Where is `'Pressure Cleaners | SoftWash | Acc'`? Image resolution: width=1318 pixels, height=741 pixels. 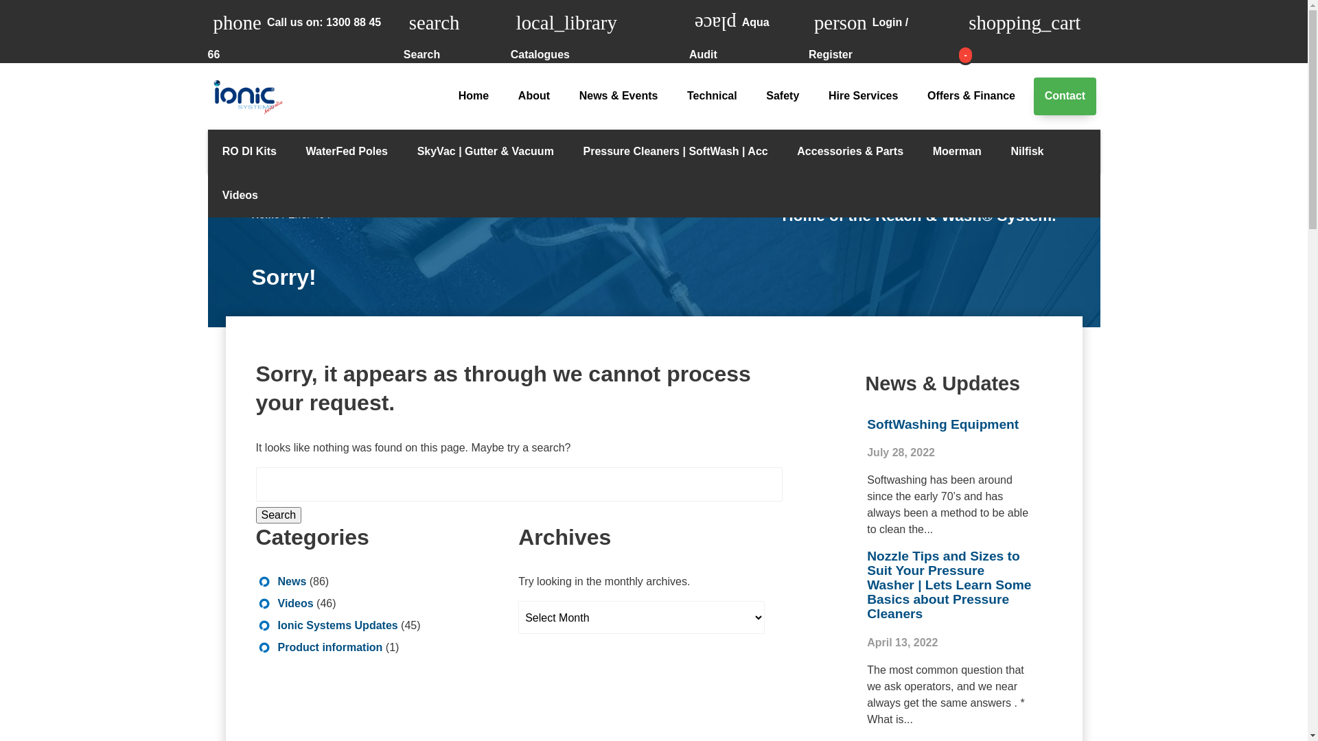 'Pressure Cleaners | SoftWash | Acc' is located at coordinates (675, 151).